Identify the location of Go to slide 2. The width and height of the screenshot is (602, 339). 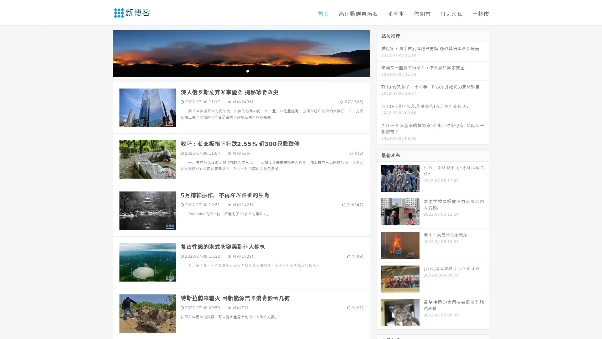
(241, 71).